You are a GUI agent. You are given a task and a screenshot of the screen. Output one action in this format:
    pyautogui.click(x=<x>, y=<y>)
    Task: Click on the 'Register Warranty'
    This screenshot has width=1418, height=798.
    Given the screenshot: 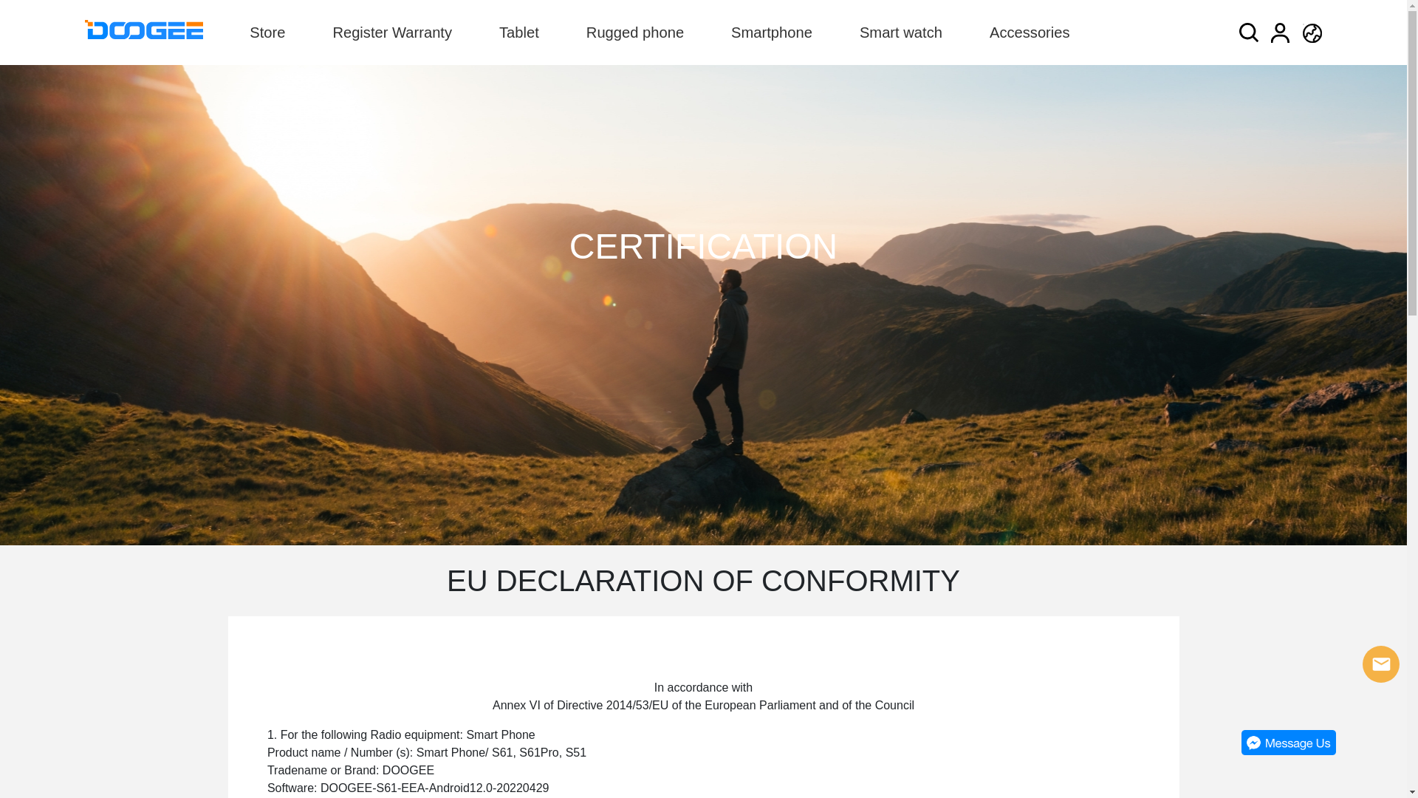 What is the action you would take?
    pyautogui.click(x=392, y=32)
    